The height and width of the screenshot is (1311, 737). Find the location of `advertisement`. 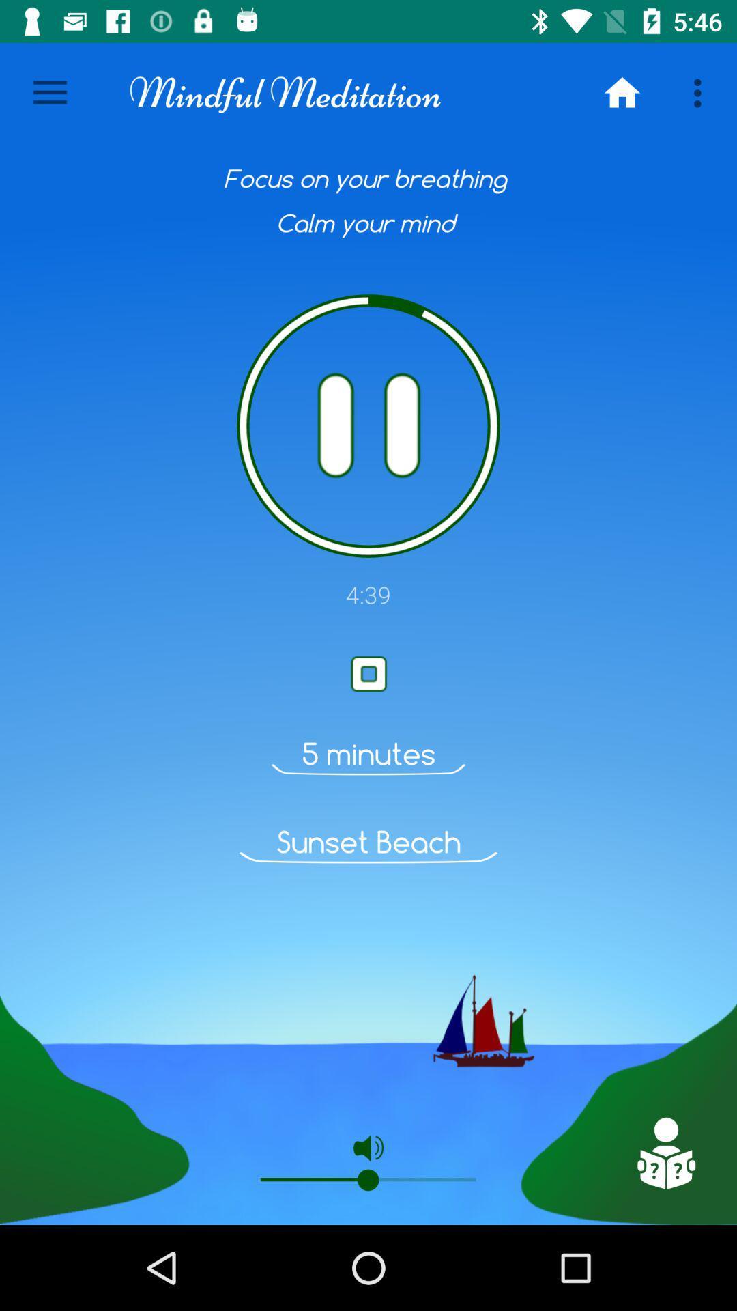

advertisement is located at coordinates (665, 1153).